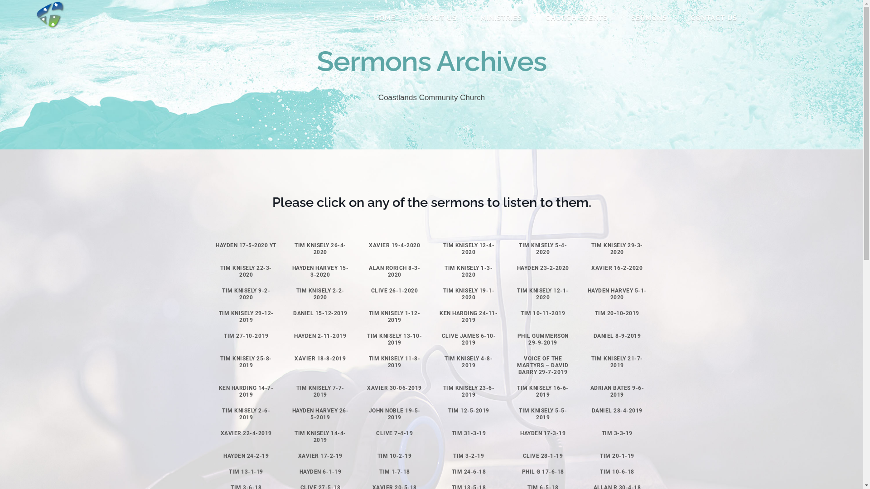 Image resolution: width=870 pixels, height=489 pixels. I want to click on 'TIM KNISELY 21-7-2019', so click(617, 361).